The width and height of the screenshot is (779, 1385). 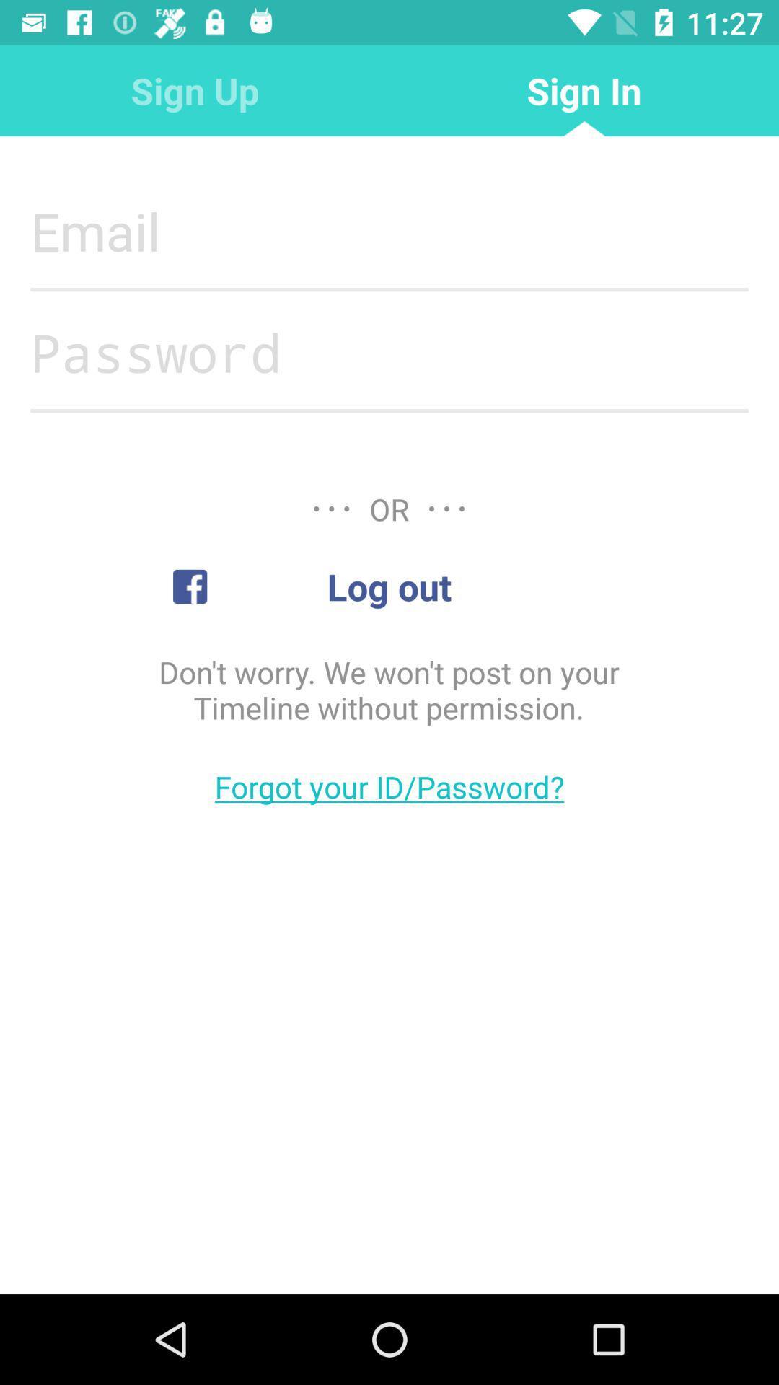 I want to click on the forgot your id item, so click(x=389, y=786).